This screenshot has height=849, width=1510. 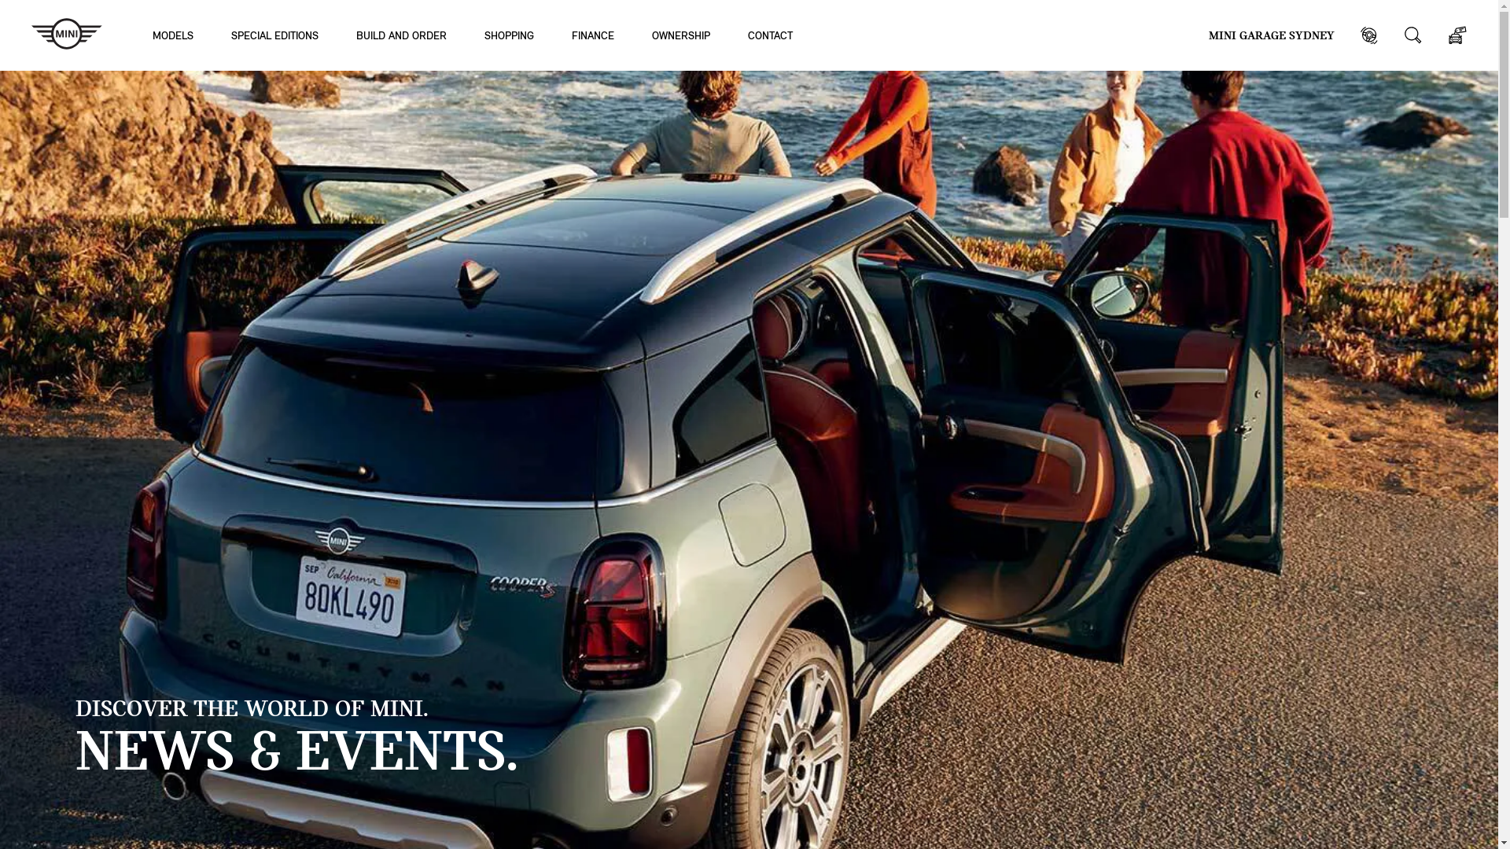 I want to click on 'BUILD AND ORDER', so click(x=401, y=35).